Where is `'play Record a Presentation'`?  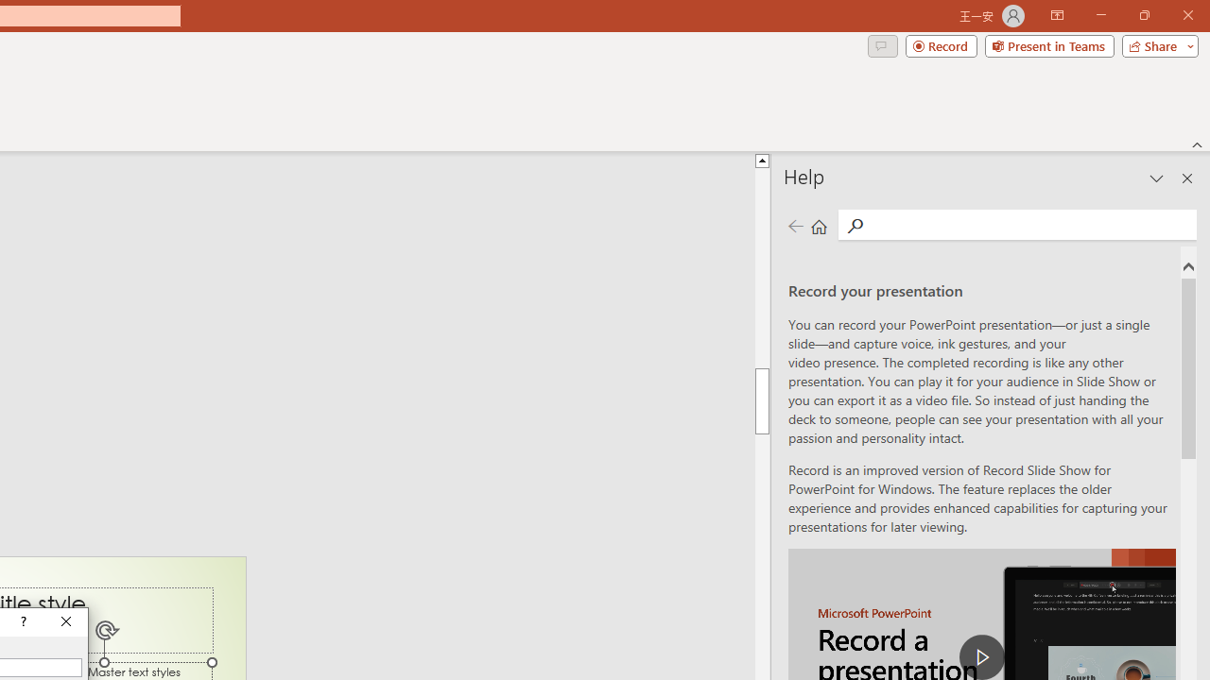 'play Record a Presentation' is located at coordinates (981, 655).